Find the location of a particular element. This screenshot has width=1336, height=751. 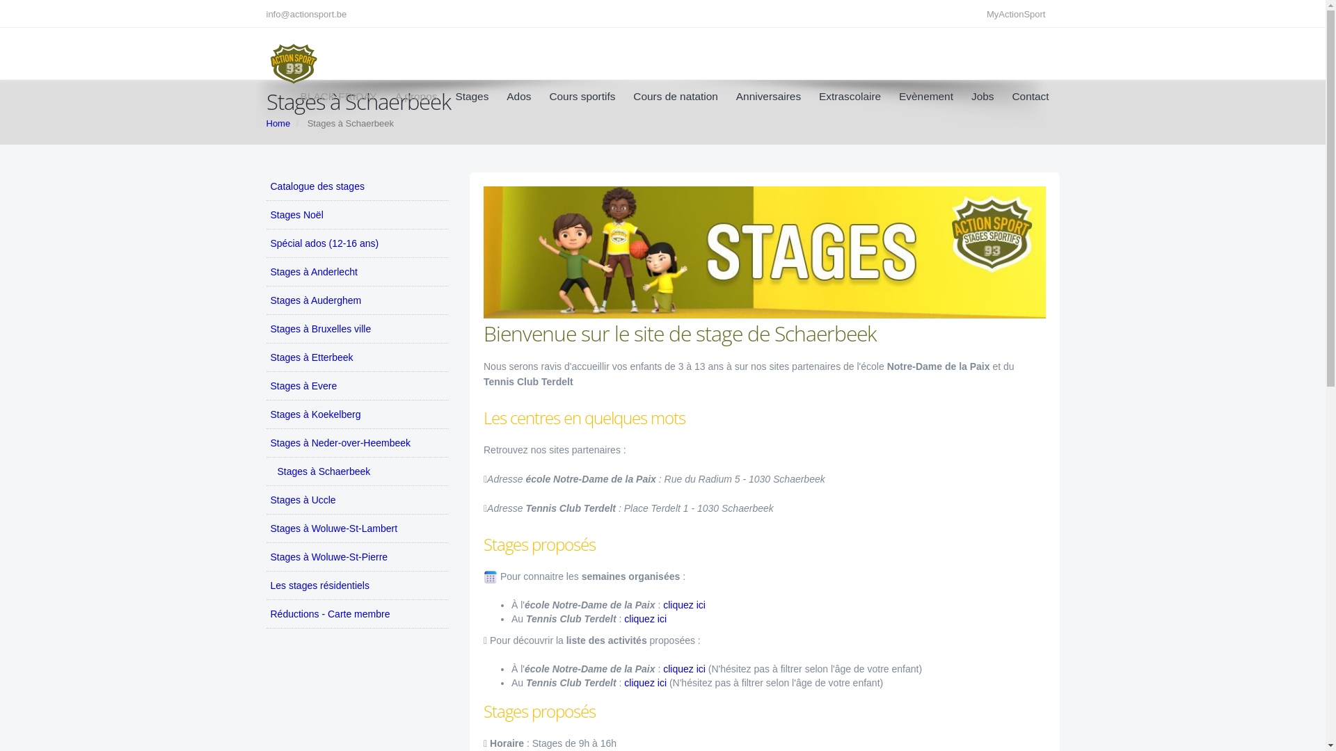

'Contact' is located at coordinates (1025, 95).